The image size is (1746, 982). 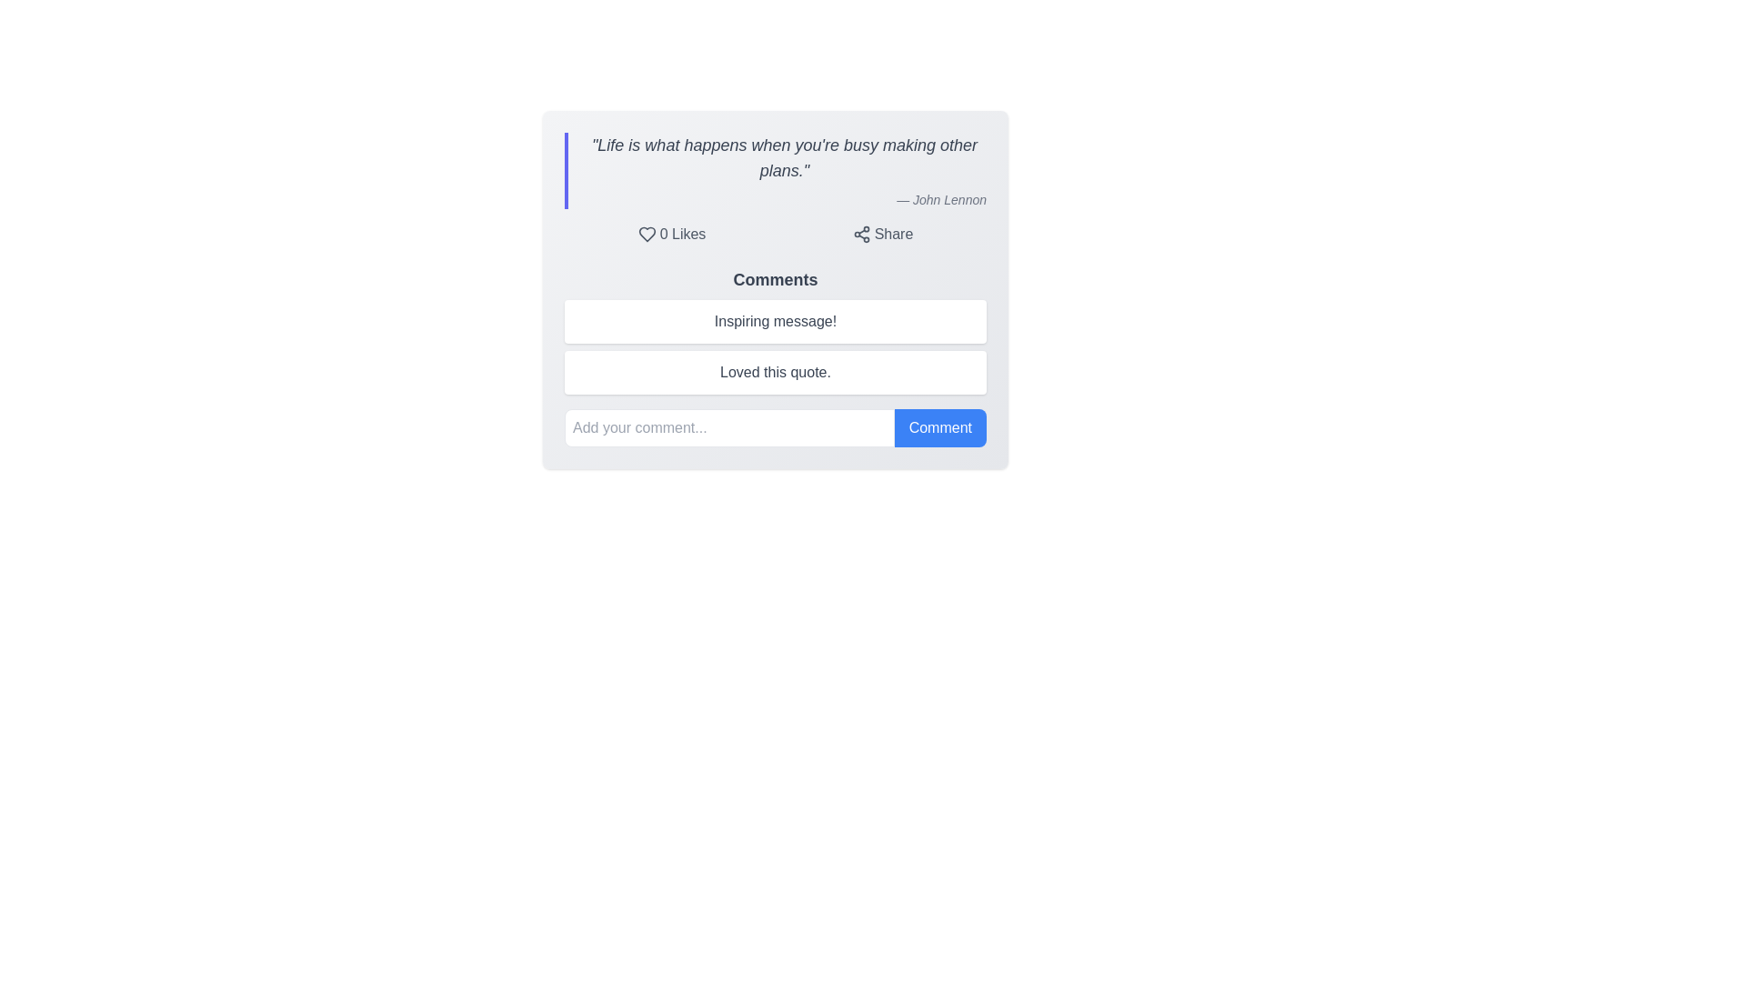 I want to click on the text label displaying 'Comments' which is a bold, dark gray heading centered at the top of the comments section, so click(x=776, y=280).